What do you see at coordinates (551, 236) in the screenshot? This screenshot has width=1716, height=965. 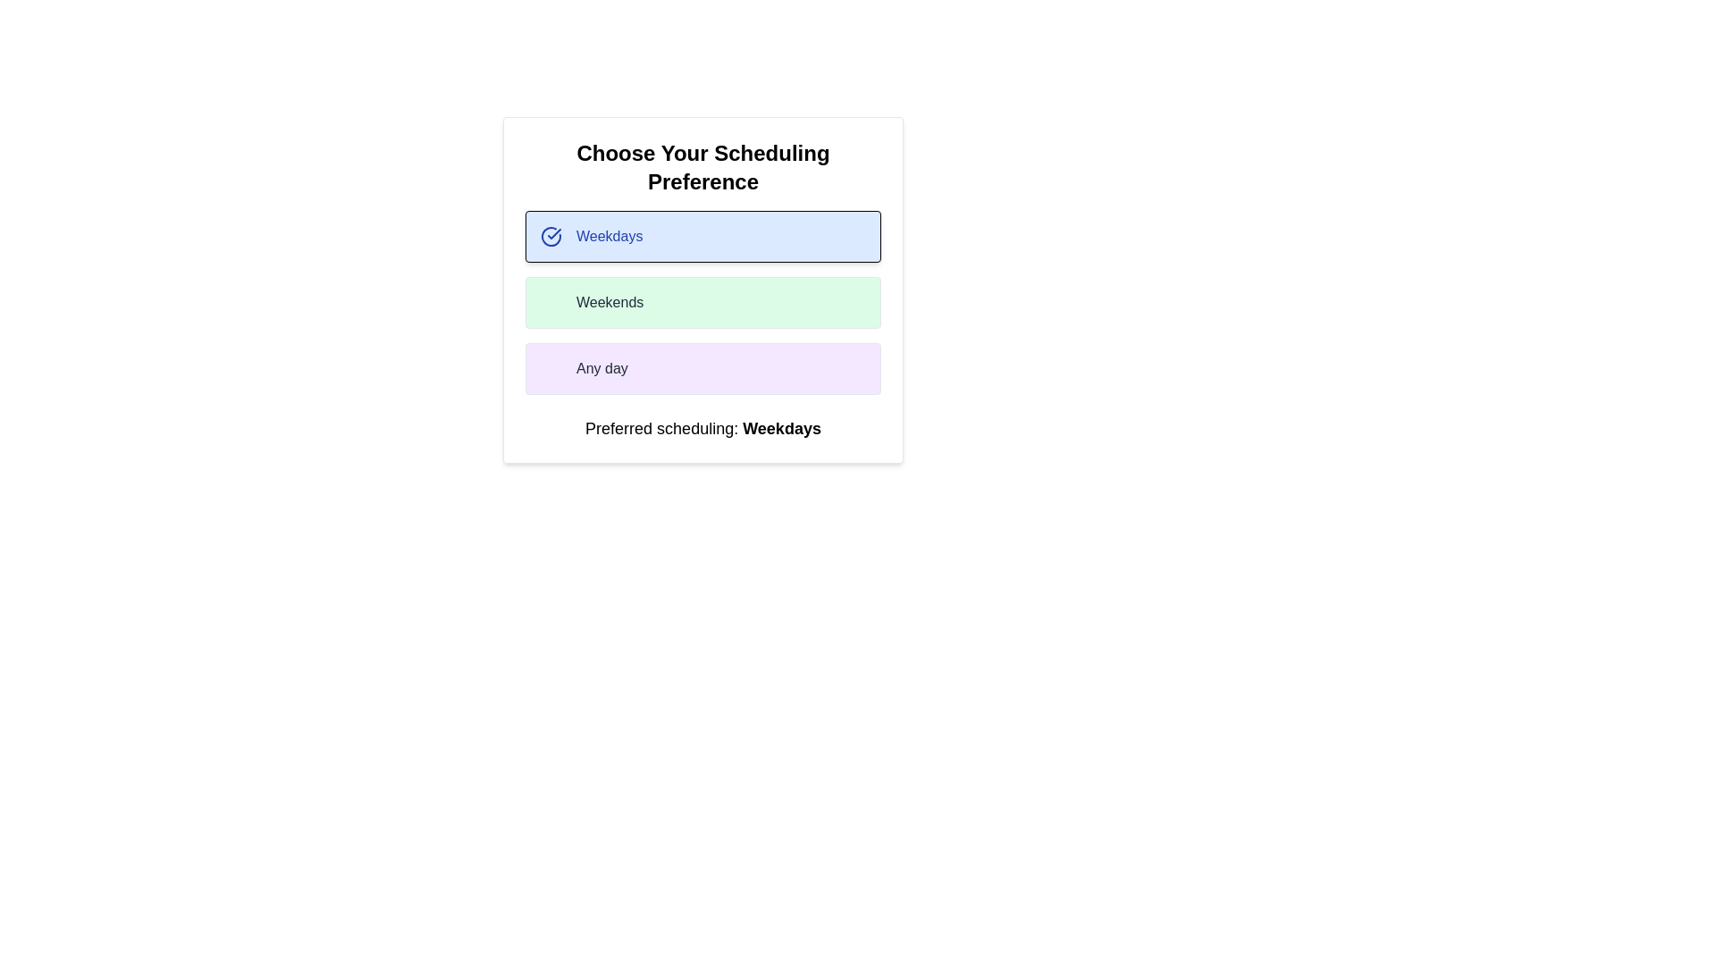 I see `the circular checkmark icon located within the blue-shaded 'Weekdays' button, positioned to the left of the text` at bounding box center [551, 236].